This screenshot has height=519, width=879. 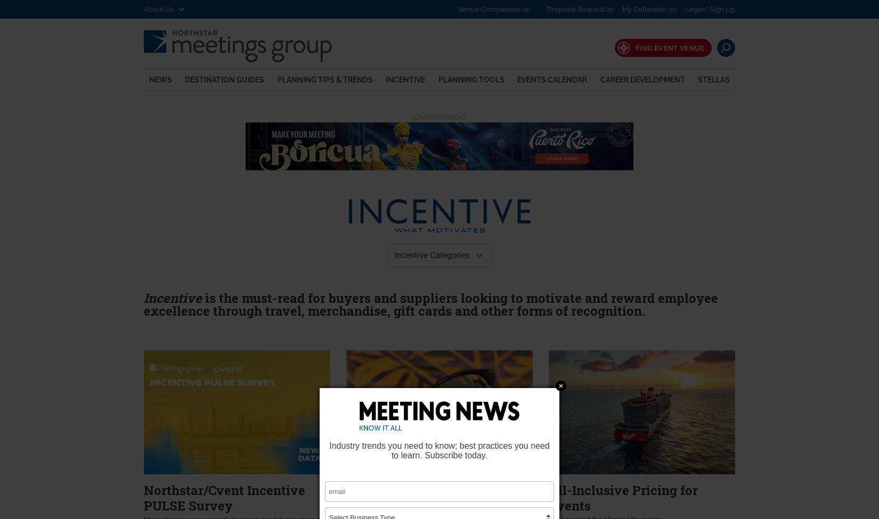 I want to click on 'About Us', so click(x=159, y=9).